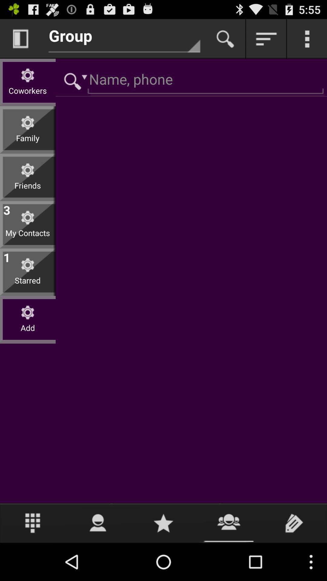 Image resolution: width=327 pixels, height=581 pixels. What do you see at coordinates (225, 38) in the screenshot?
I see `button for start search` at bounding box center [225, 38].